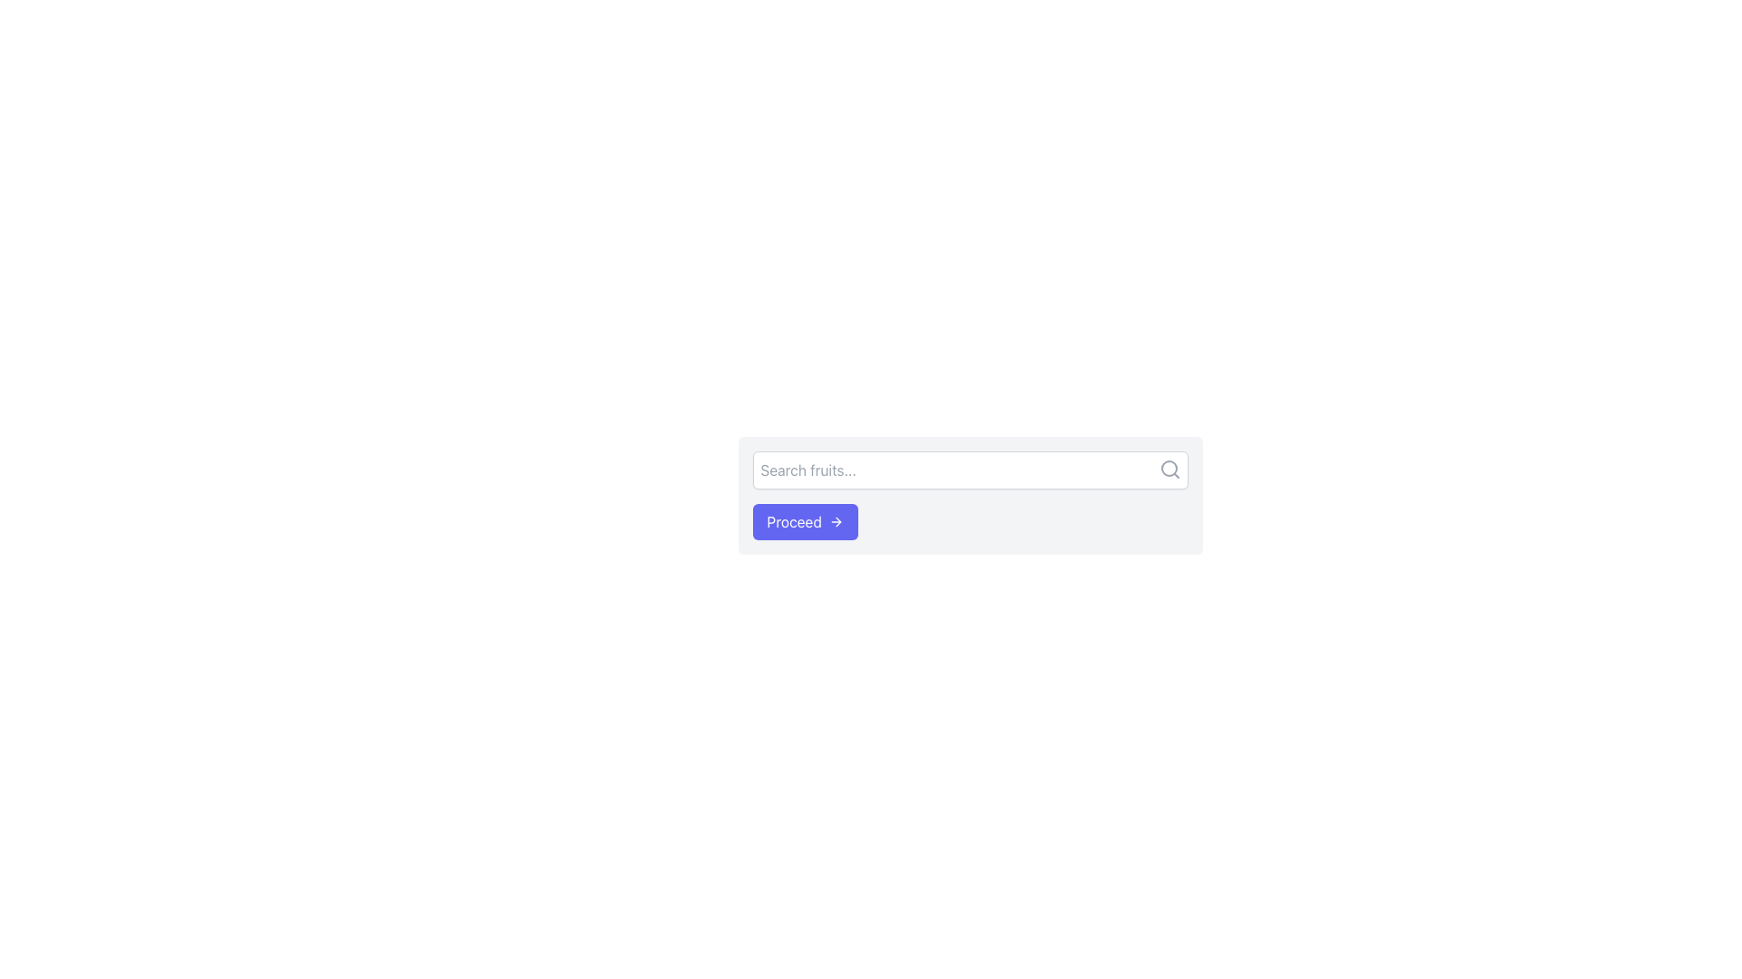  I want to click on the circular gray magnifying glass icon, which is positioned at the top-right corner of the text input box, so click(1169, 468).